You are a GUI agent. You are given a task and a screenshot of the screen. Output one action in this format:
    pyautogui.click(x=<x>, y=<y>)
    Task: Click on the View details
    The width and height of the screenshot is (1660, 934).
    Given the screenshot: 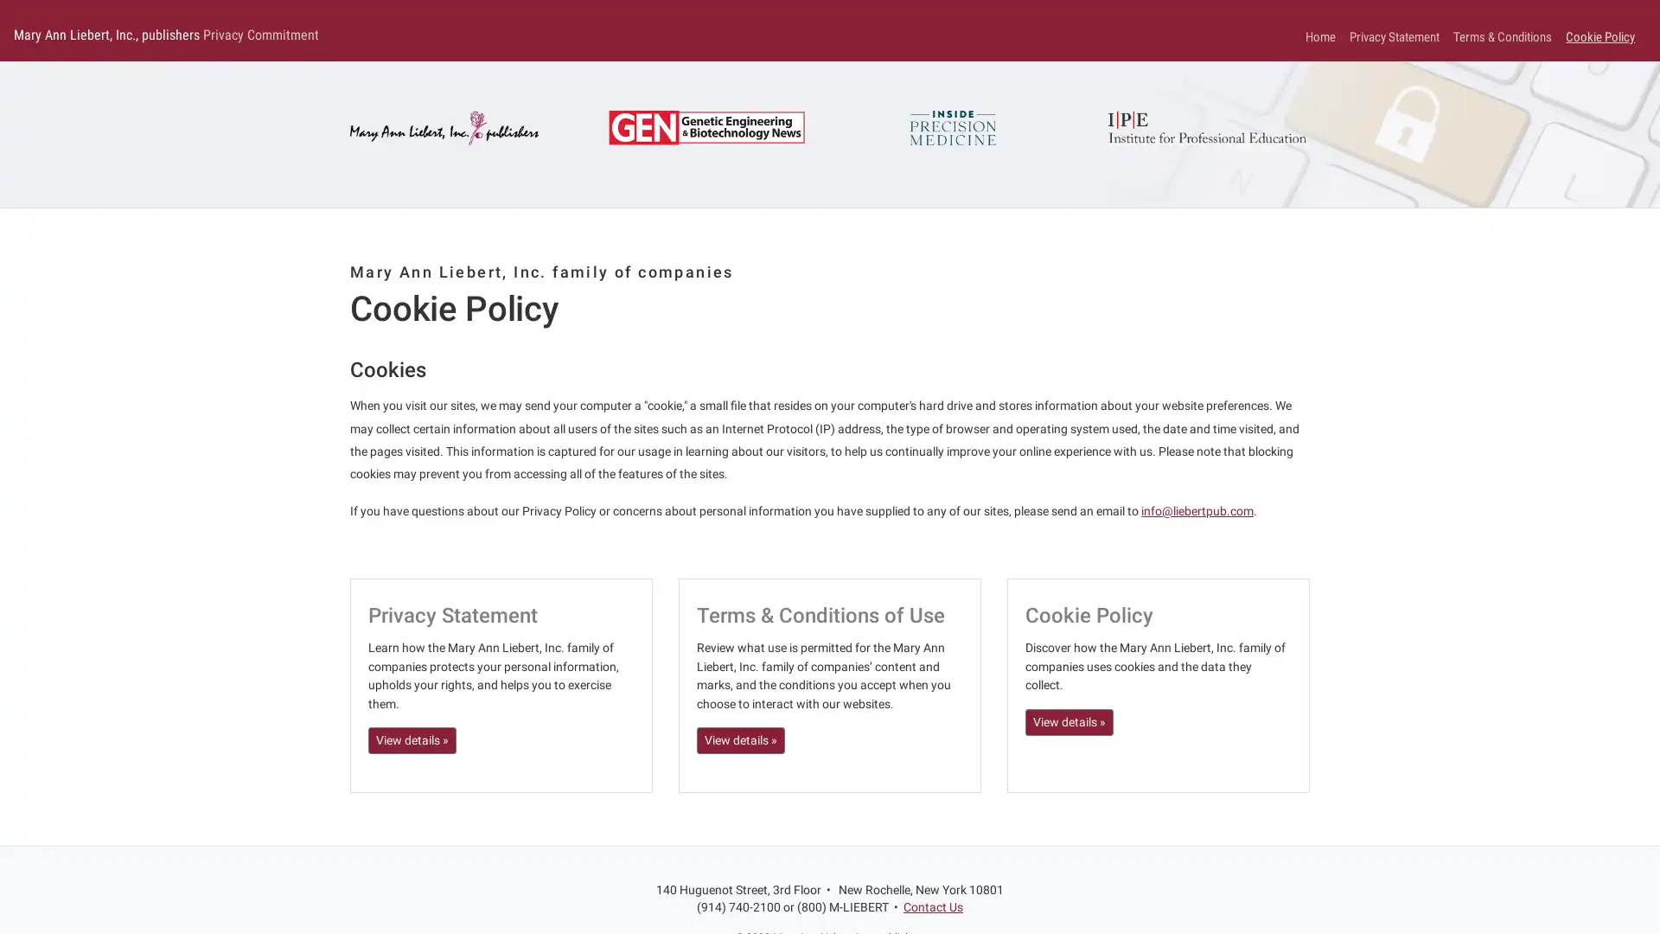 What is the action you would take?
    pyautogui.click(x=741, y=739)
    